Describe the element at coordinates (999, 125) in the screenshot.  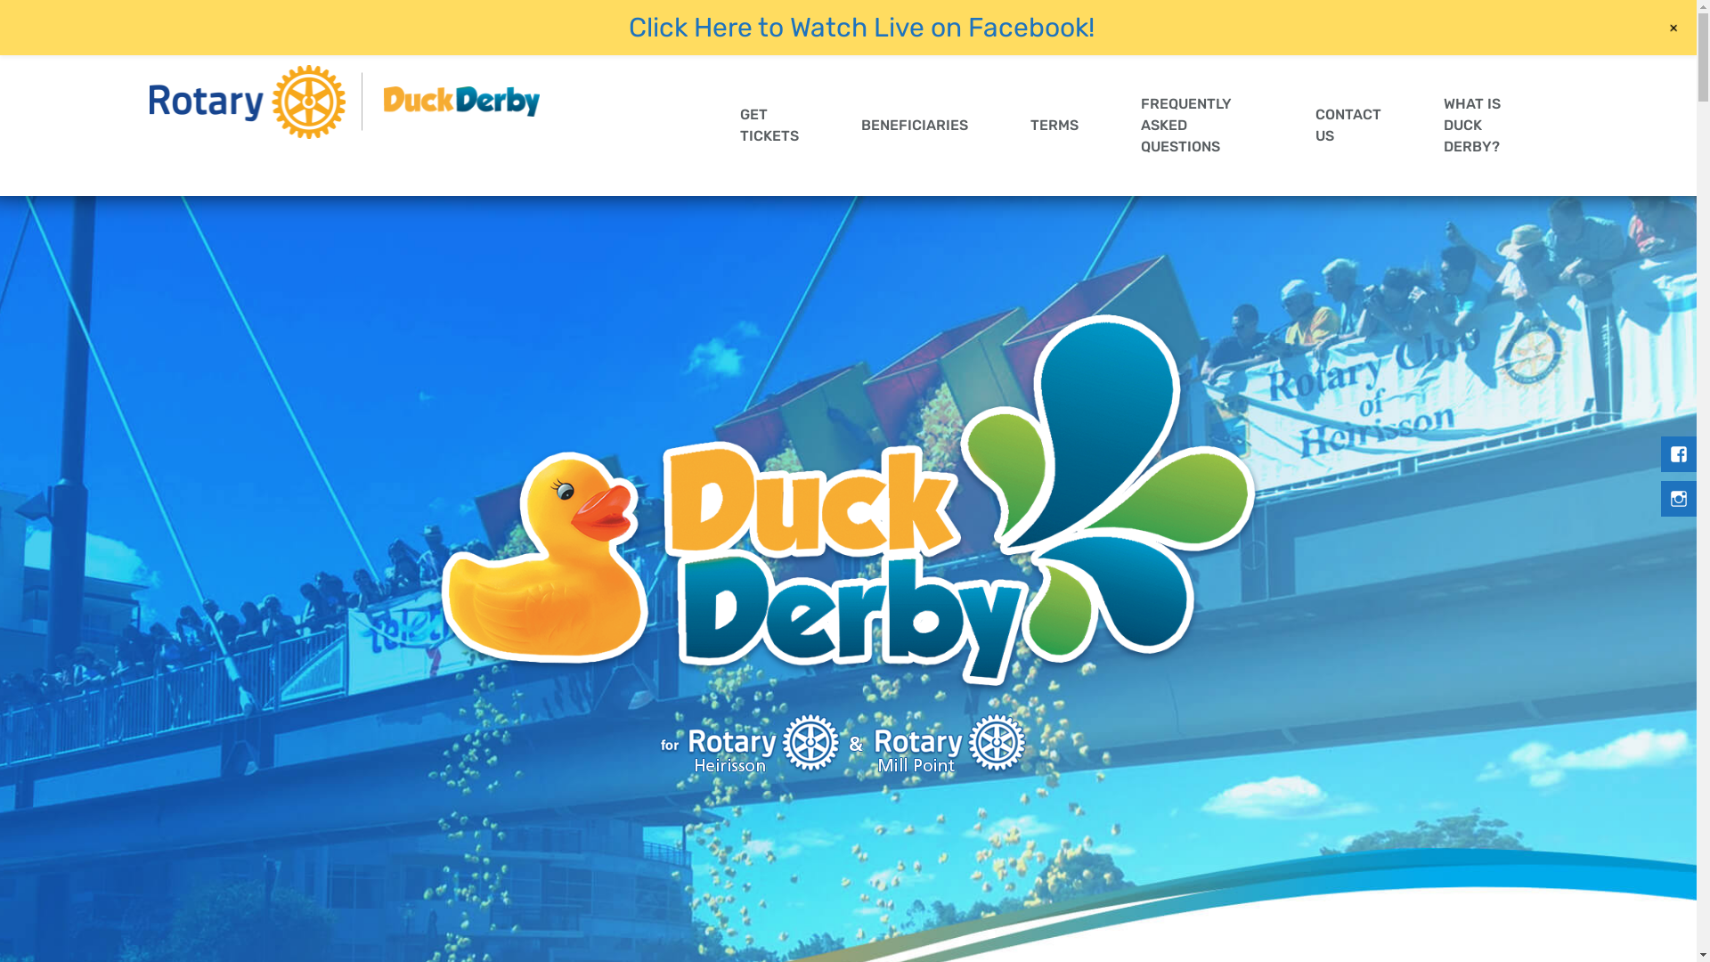
I see `'TERMS'` at that location.